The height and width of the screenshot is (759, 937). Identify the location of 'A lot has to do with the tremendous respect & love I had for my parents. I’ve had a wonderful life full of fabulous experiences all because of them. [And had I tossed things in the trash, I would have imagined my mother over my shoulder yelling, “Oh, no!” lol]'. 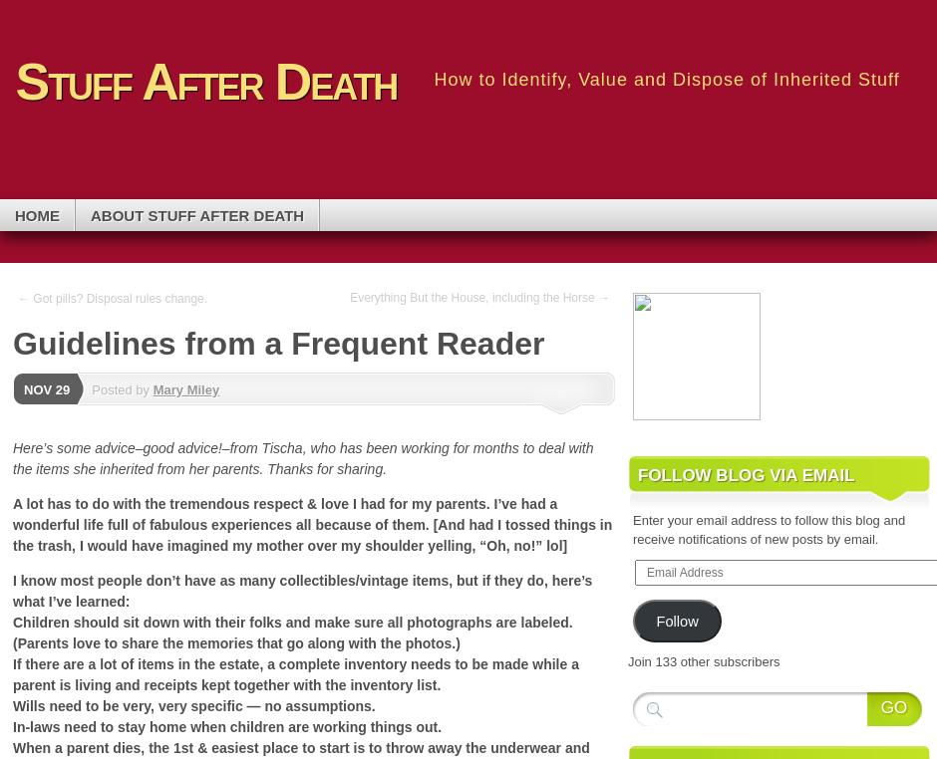
(311, 523).